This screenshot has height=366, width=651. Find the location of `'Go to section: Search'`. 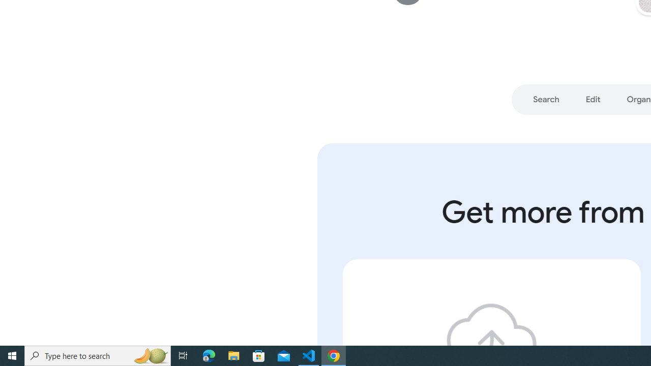

'Go to section: Search' is located at coordinates (546, 100).